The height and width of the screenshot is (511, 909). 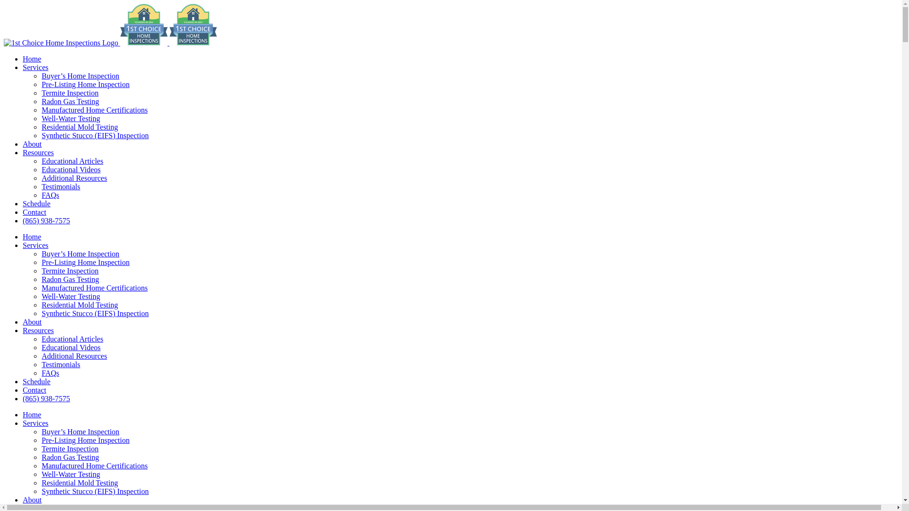 I want to click on 'Well-Water Testing', so click(x=70, y=296).